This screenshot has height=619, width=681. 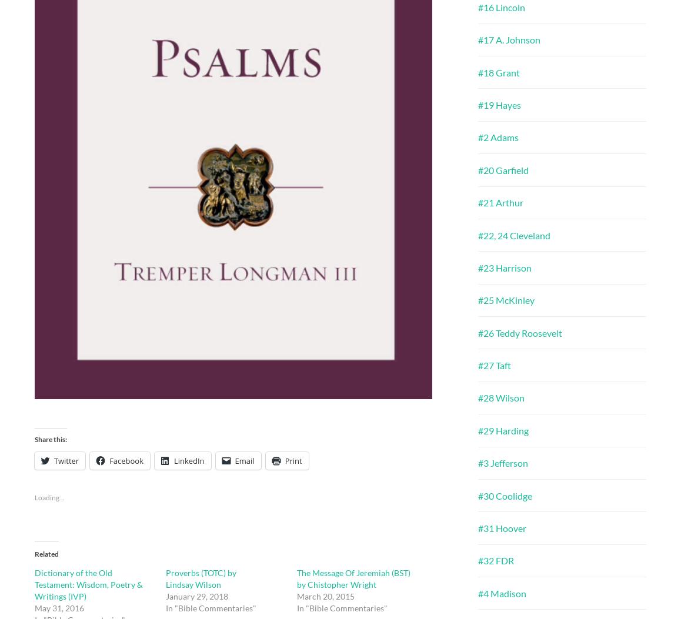 I want to click on 'Loading...', so click(x=49, y=496).